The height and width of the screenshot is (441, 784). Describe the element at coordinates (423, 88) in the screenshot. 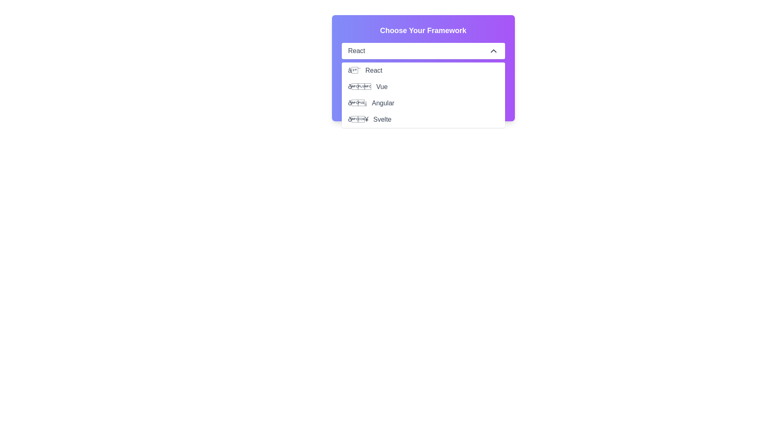

I see `the contents of the informational text block located within the 'Choose Your Framework' dropdown section, positioned below the selectable options for 'React,' 'Vue,' 'Angular,' and 'Svelte.'` at that location.